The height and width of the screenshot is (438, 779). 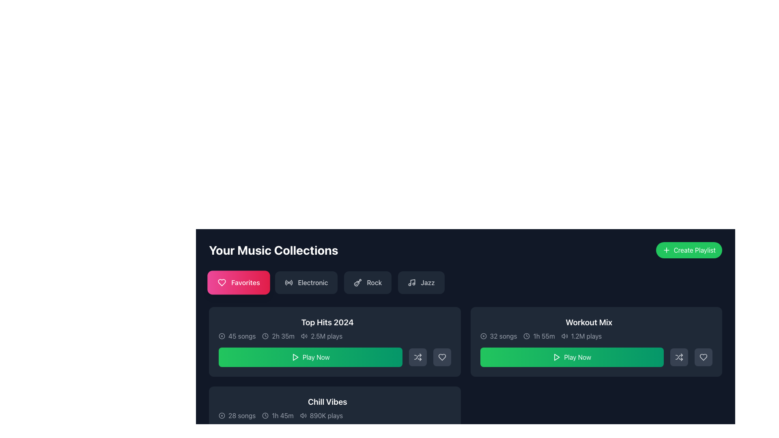 I want to click on the Text label that displays the number of songs in the music collection, which is the first item in the row of metadata within the first card of the music collections section, so click(x=237, y=336).